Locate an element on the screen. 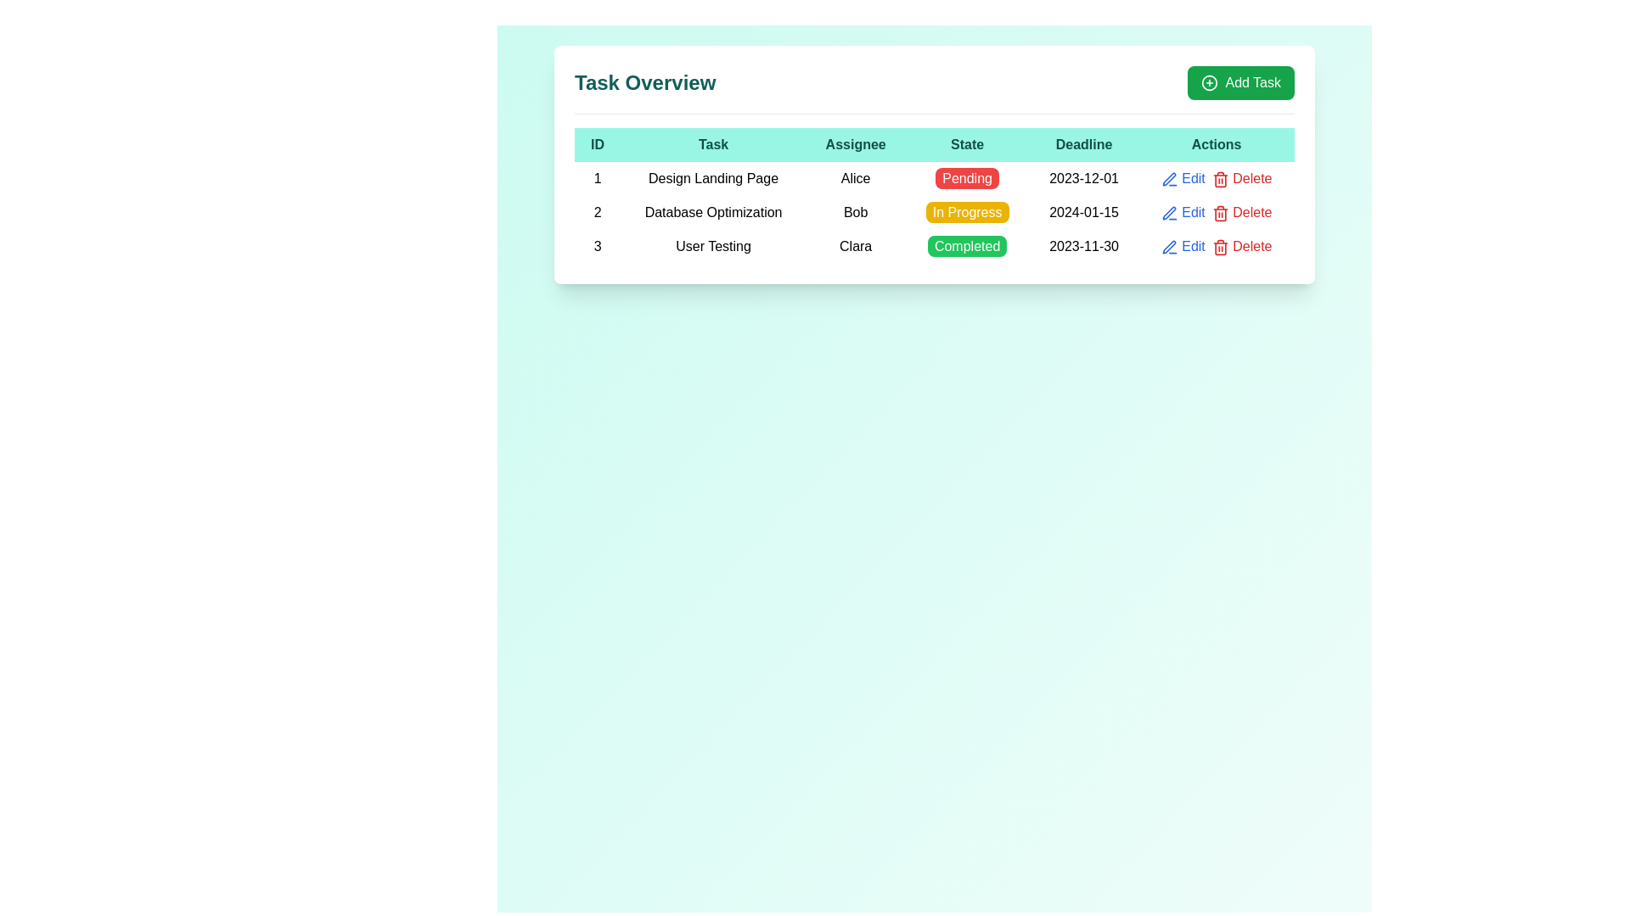  the 'Delete' link in the Actions column of the second row of the table for visual feedback is located at coordinates (1216, 211).